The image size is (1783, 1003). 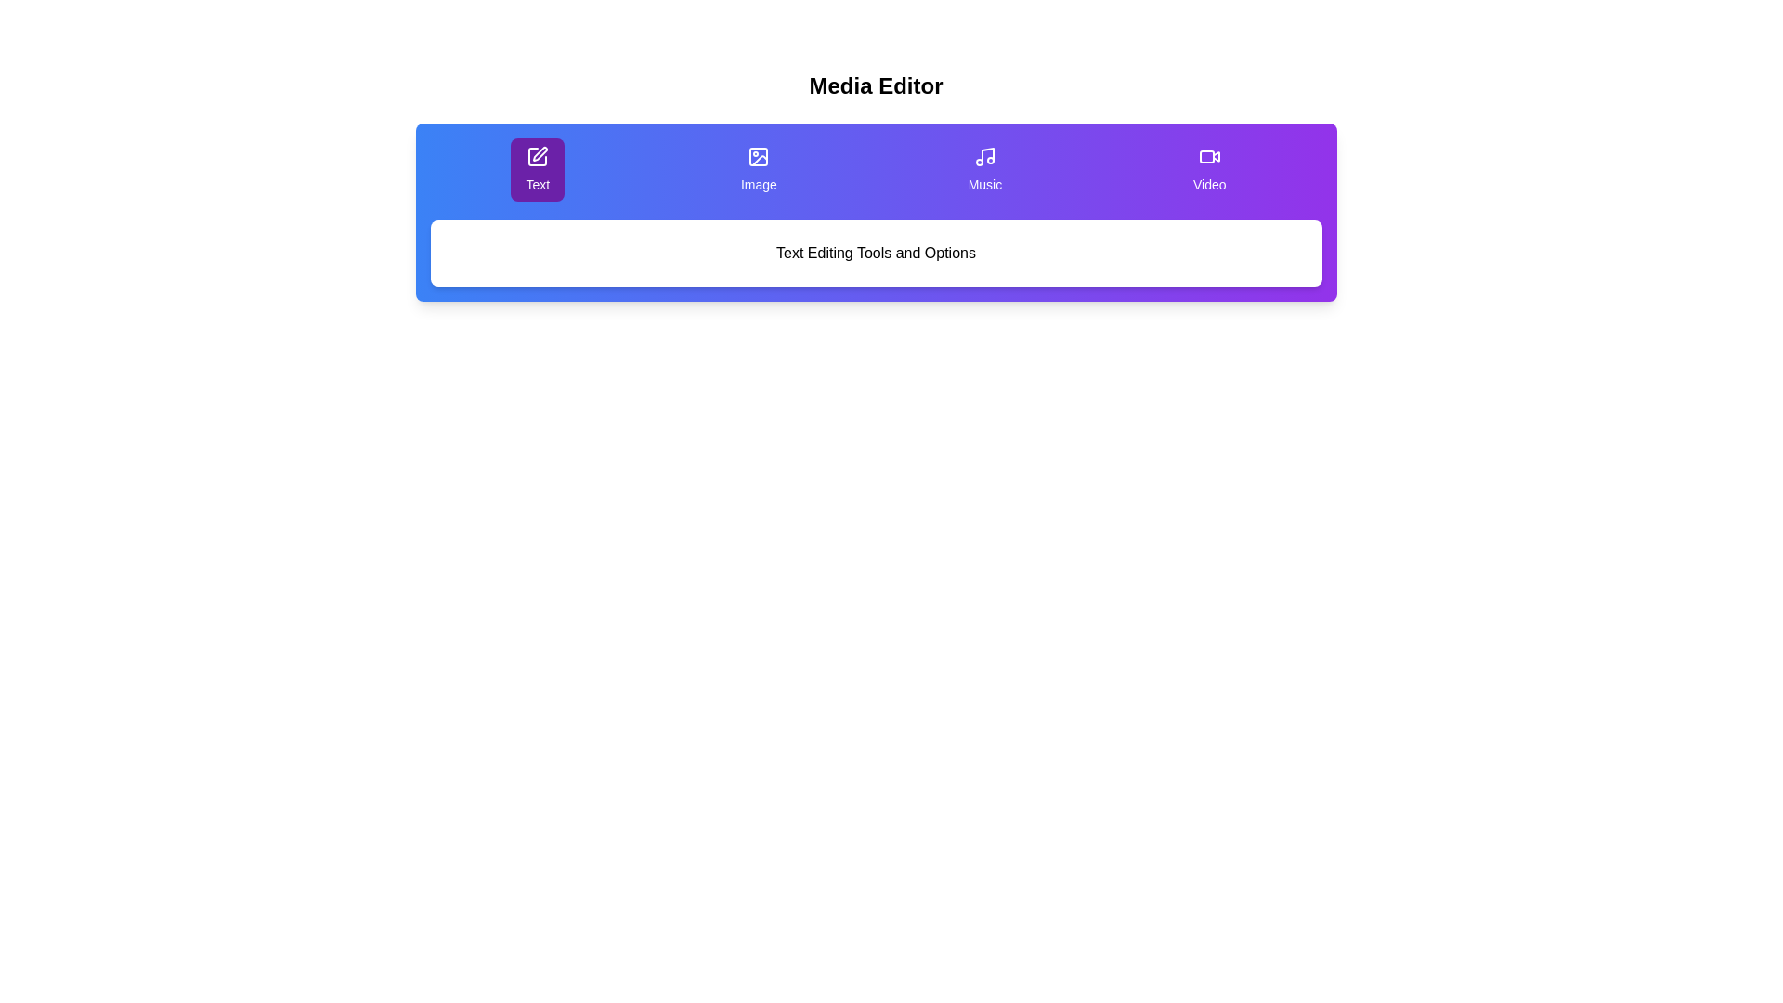 What do you see at coordinates (759, 156) in the screenshot?
I see `the rounded rectangle element within the 'Image' button icon in the toolbar` at bounding box center [759, 156].